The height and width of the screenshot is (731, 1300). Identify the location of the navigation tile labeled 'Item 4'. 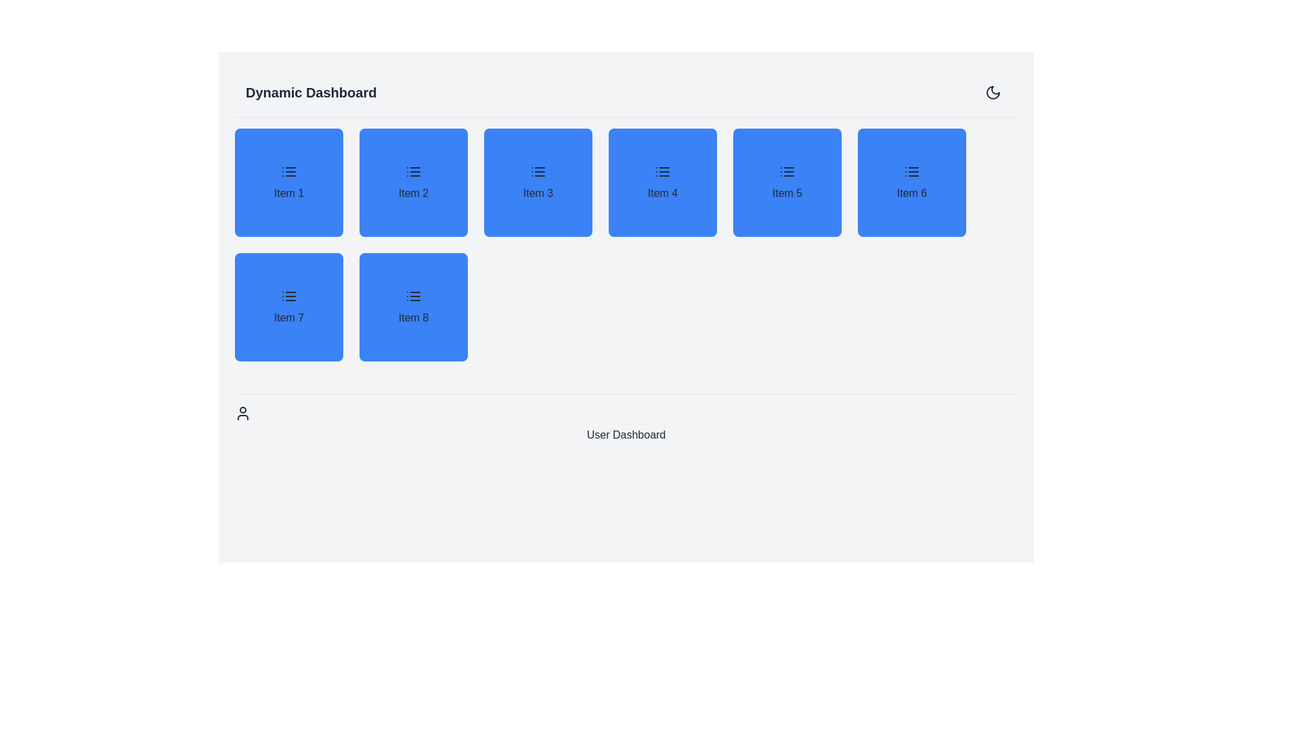
(663, 183).